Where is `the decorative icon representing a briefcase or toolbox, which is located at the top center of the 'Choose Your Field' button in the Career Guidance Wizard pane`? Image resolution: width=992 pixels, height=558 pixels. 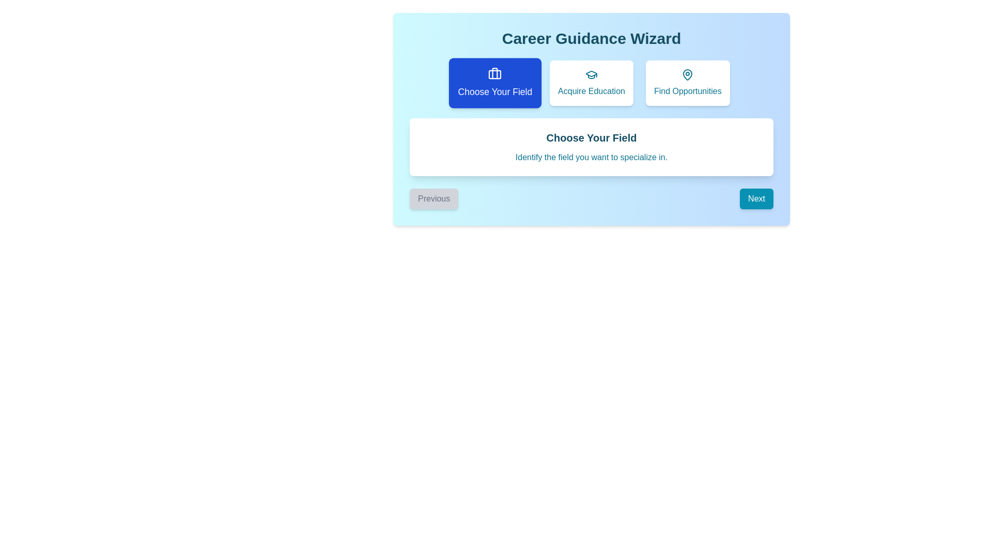 the decorative icon representing a briefcase or toolbox, which is located at the top center of the 'Choose Your Field' button in the Career Guidance Wizard pane is located at coordinates (494, 73).